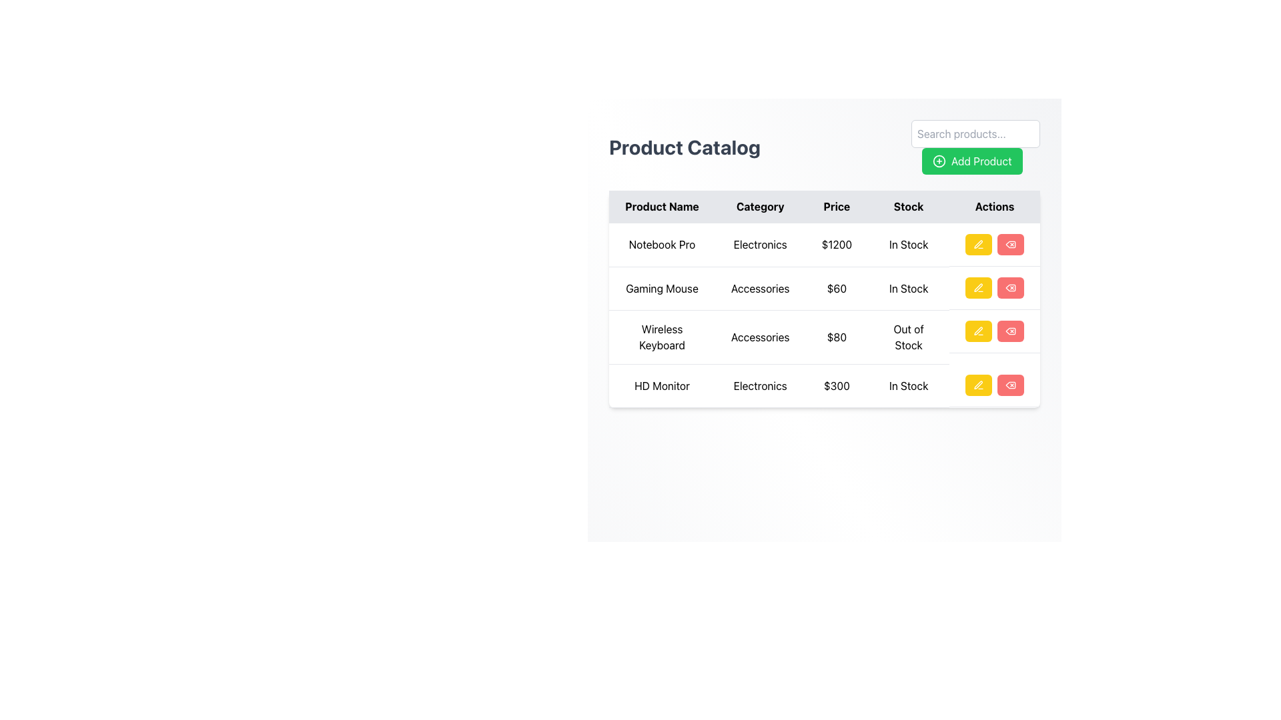 The image size is (1281, 720). What do you see at coordinates (979, 385) in the screenshot?
I see `the pen-shaped icon button representing editing functionality, located in the 'Actions' column of the last row in the product listing table` at bounding box center [979, 385].